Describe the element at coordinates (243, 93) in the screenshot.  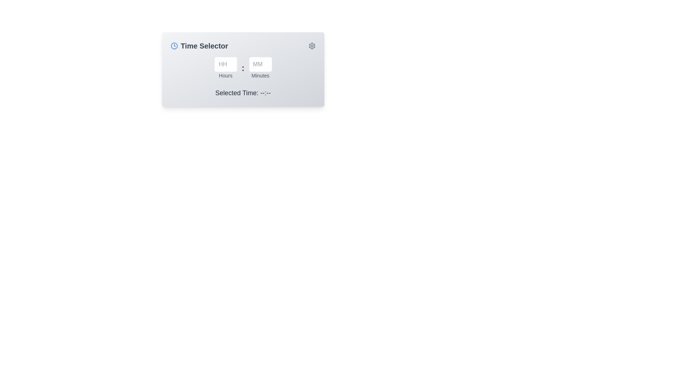
I see `the Text display component that shows the currently selected time, initially displaying '--:--', located below the 'Hours' and 'Minutes' input fields in the 'Time Selector' panel` at that location.